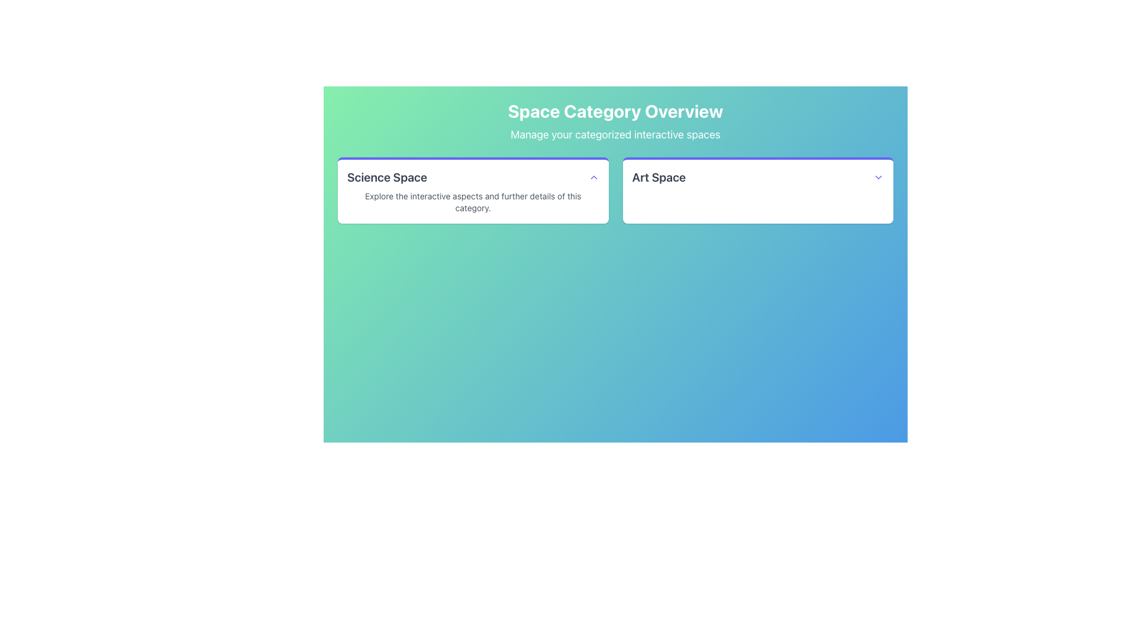  What do you see at coordinates (472, 202) in the screenshot?
I see `descriptive text located beneath the 'Science Space' title within the leftmost card of a horizontally arranged layout` at bounding box center [472, 202].